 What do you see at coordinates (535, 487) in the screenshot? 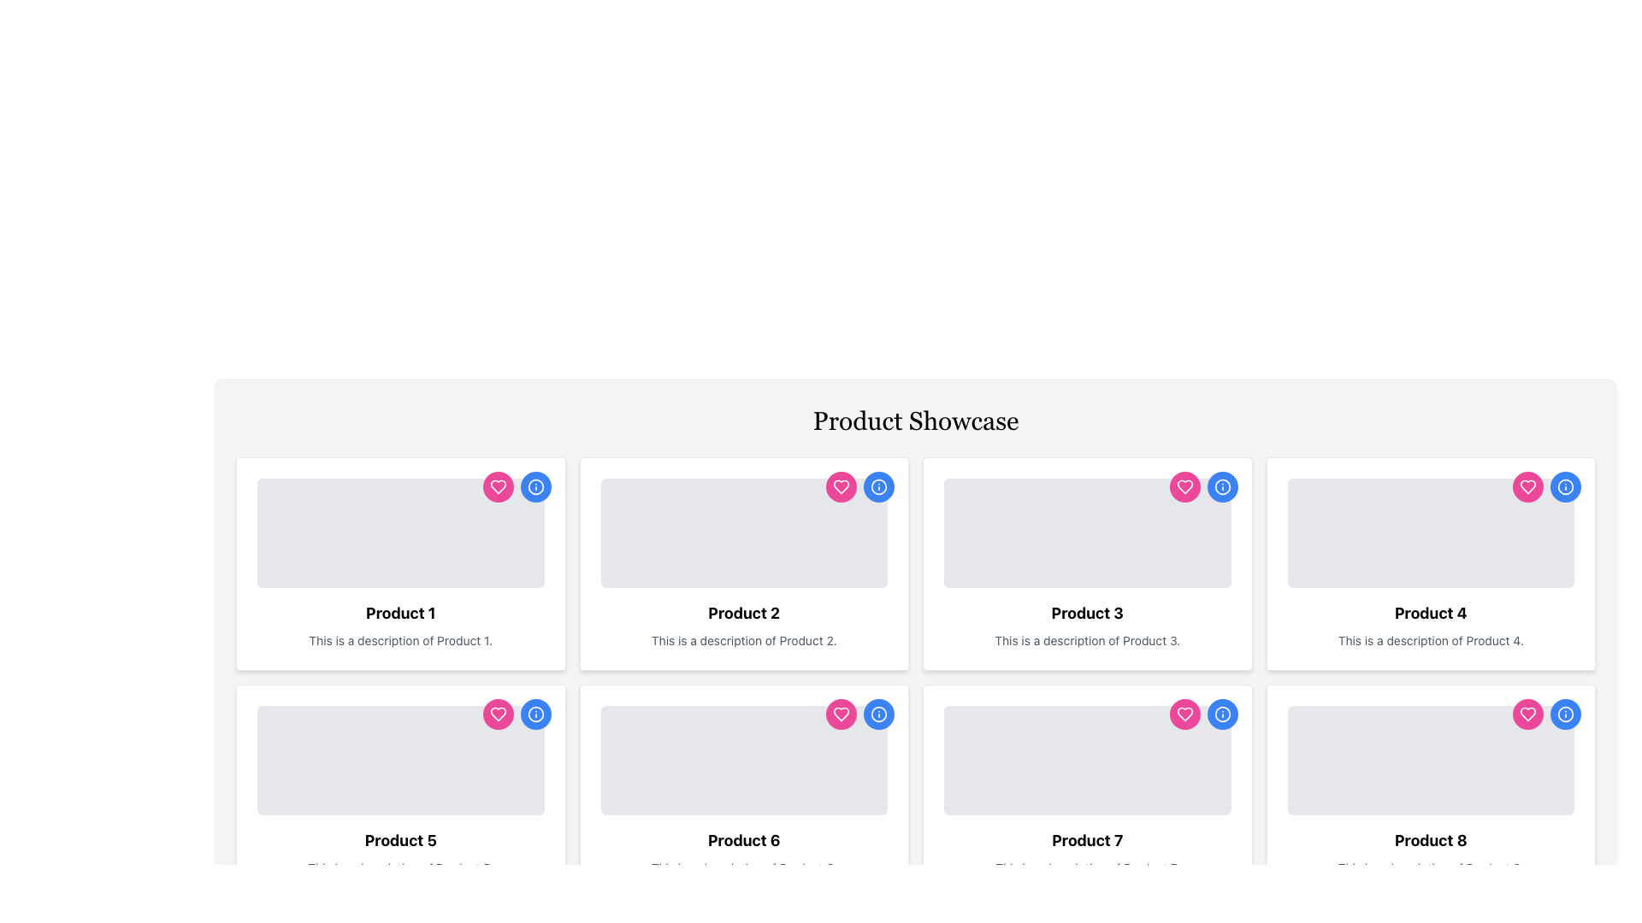
I see `the circular blue icon button with a white outline, which features an information symbol, located to the right of the heart icon in the action button group on the top-right corner of the 'Product 1' card` at bounding box center [535, 487].